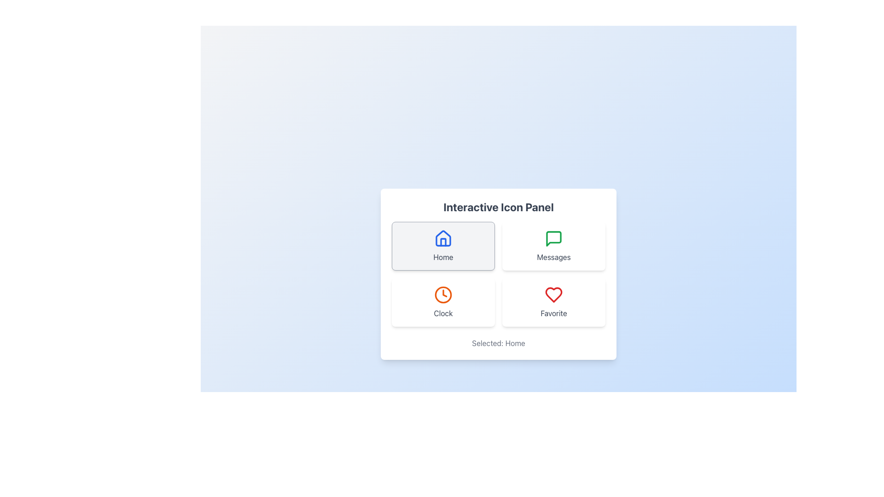 Image resolution: width=884 pixels, height=497 pixels. Describe the element at coordinates (553, 238) in the screenshot. I see `the messaging icon located in the 'Messages' group within the interactive icon panel, which is visually centered at the top of the 'Messages' section` at that location.